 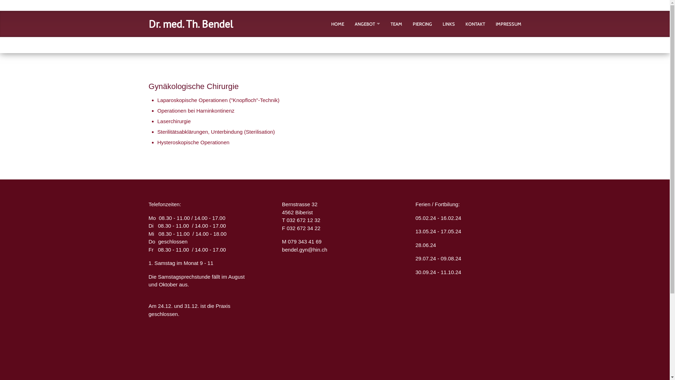 What do you see at coordinates (337, 24) in the screenshot?
I see `'HOME'` at bounding box center [337, 24].